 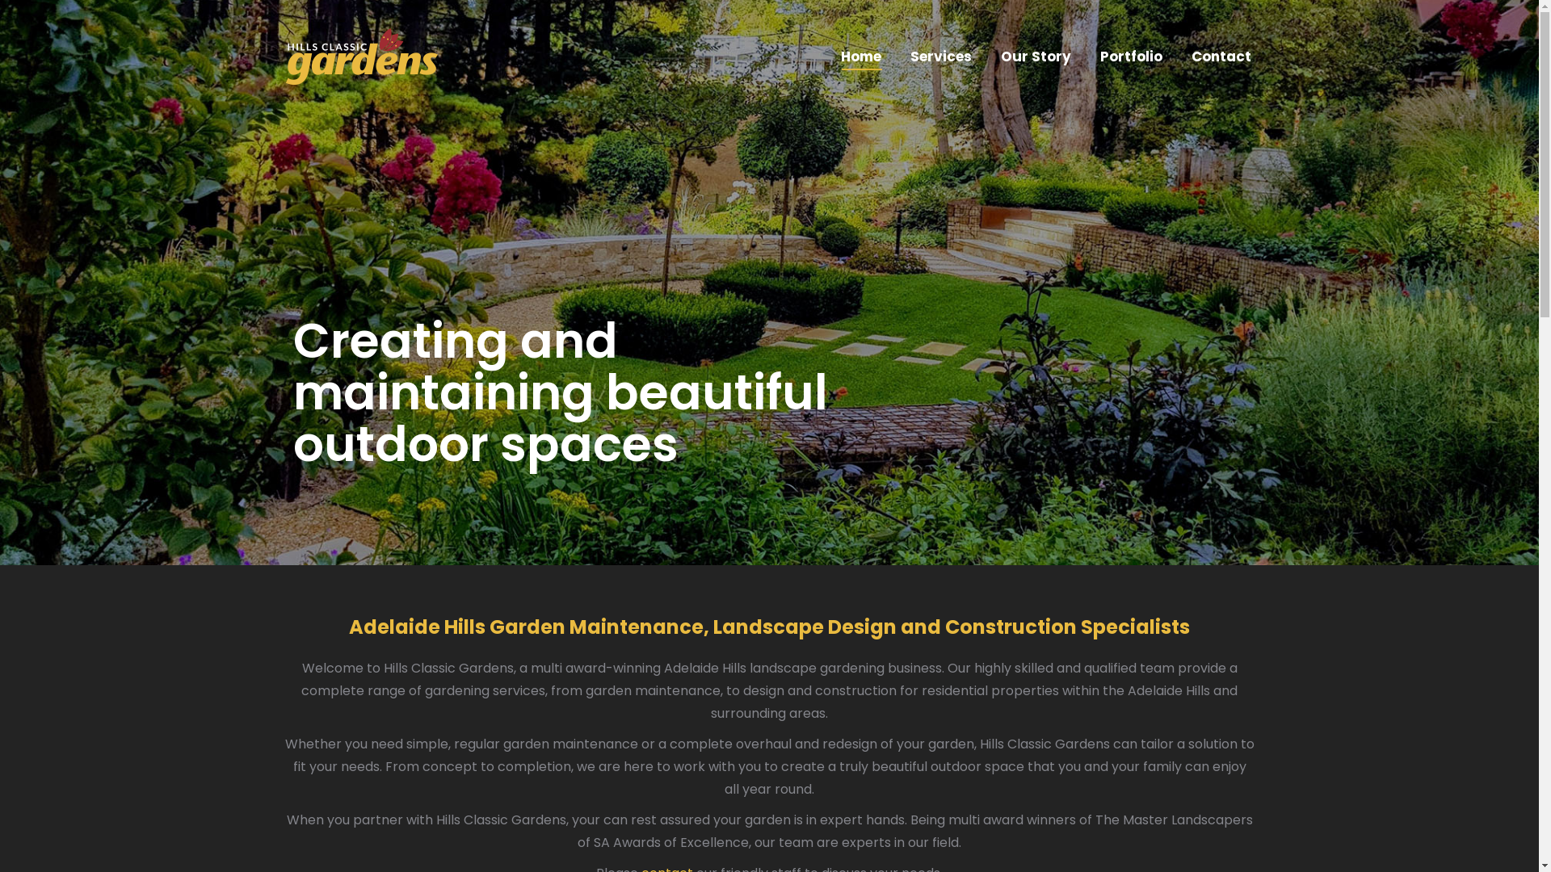 I want to click on 'Portfolio', so click(x=1097, y=56).